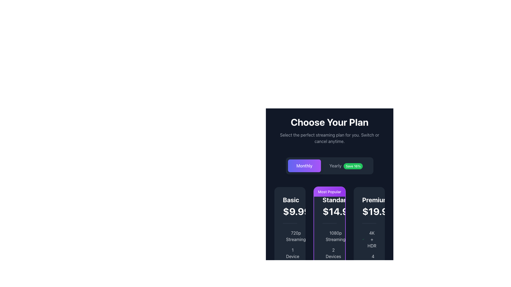 This screenshot has width=511, height=287. Describe the element at coordinates (290, 200) in the screenshot. I see `text label that serves as the header for the specific plan type in the first pricing card of the 'Choose Your Plan' section` at that location.